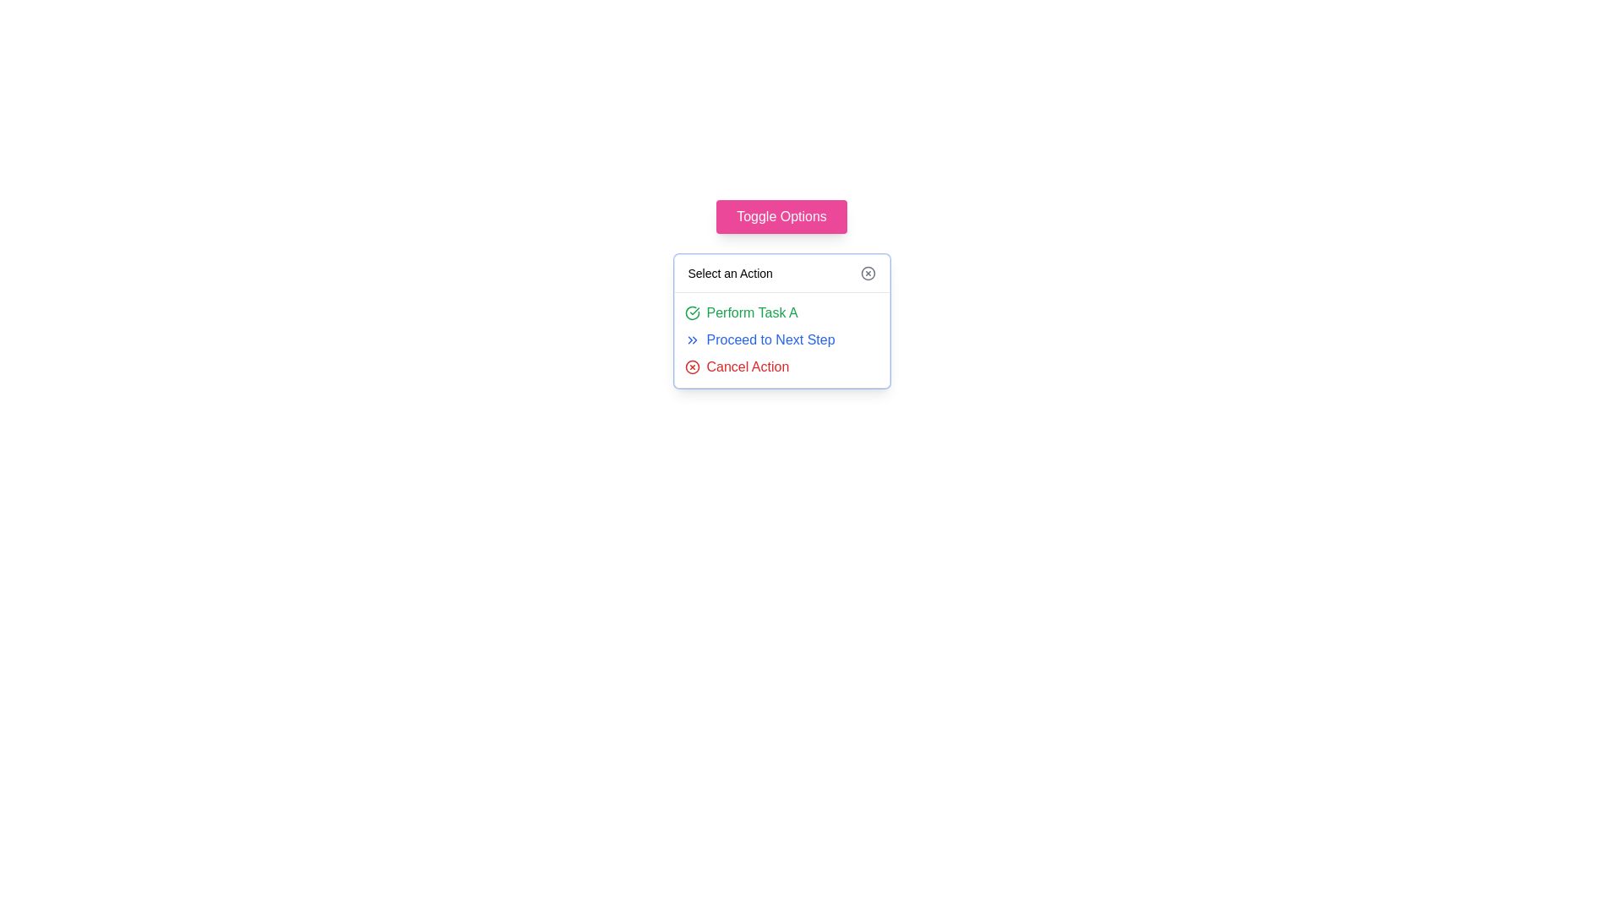 The width and height of the screenshot is (1622, 912). Describe the element at coordinates (868, 273) in the screenshot. I see `the close button located in the top-right corner of the action selection box to change its color` at that location.